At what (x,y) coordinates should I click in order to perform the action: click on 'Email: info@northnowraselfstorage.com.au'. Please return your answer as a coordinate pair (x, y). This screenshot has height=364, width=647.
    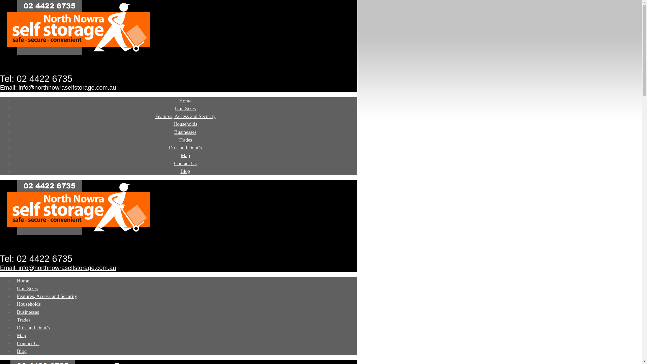
    Looking at the image, I should click on (58, 267).